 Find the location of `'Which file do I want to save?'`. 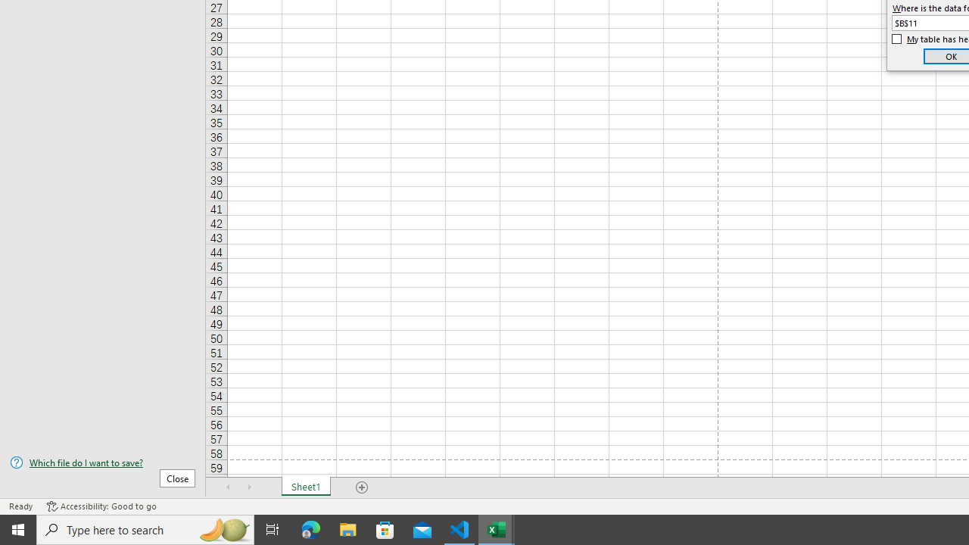

'Which file do I want to save?' is located at coordinates (102, 462).